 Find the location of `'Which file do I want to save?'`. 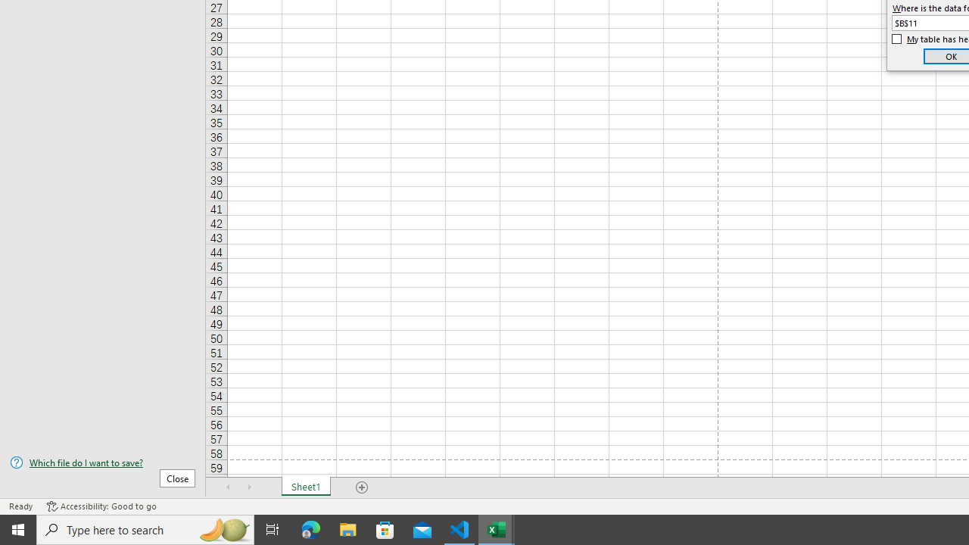

'Which file do I want to save?' is located at coordinates (102, 462).